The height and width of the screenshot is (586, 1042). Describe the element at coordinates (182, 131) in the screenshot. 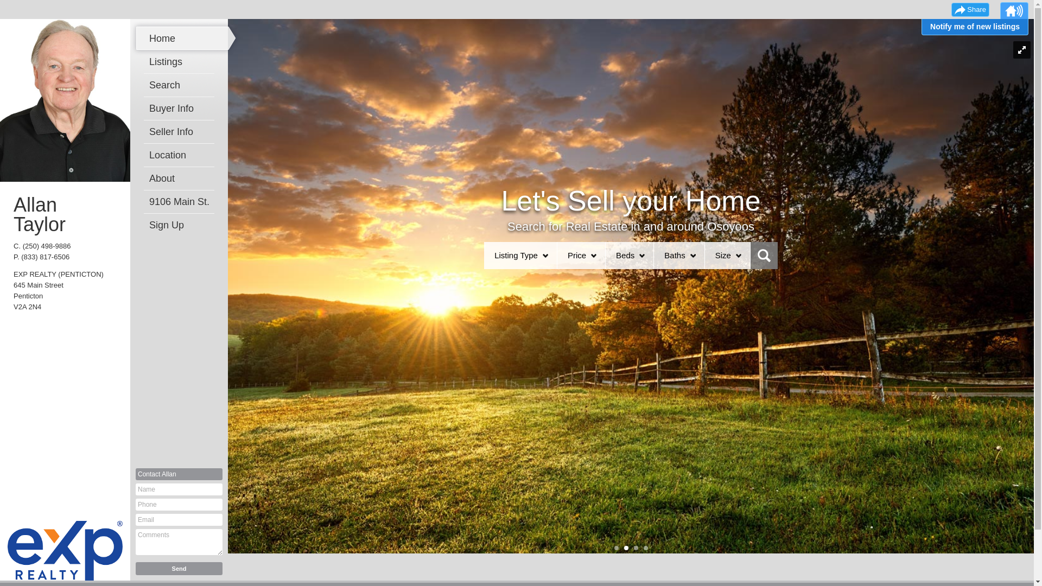

I see `'Seller Info'` at that location.